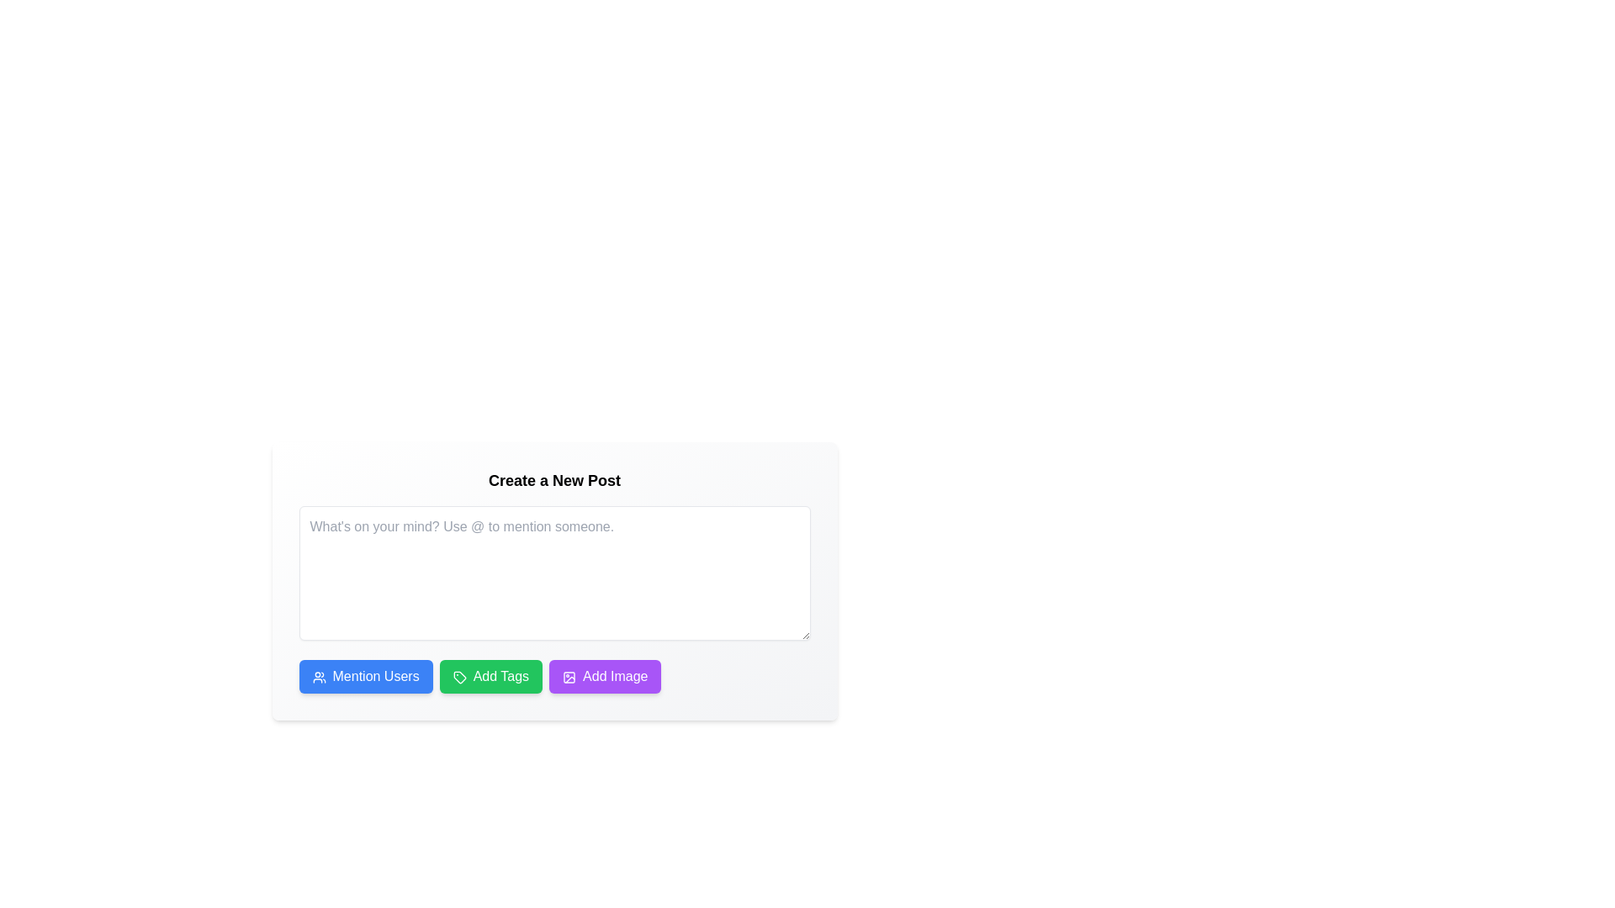 This screenshot has width=1615, height=908. Describe the element at coordinates (569, 676) in the screenshot. I see `the 'Add Image' button which is the third button in a row, visually indicated by a purple background and located at the bottom of the post creation form` at that location.